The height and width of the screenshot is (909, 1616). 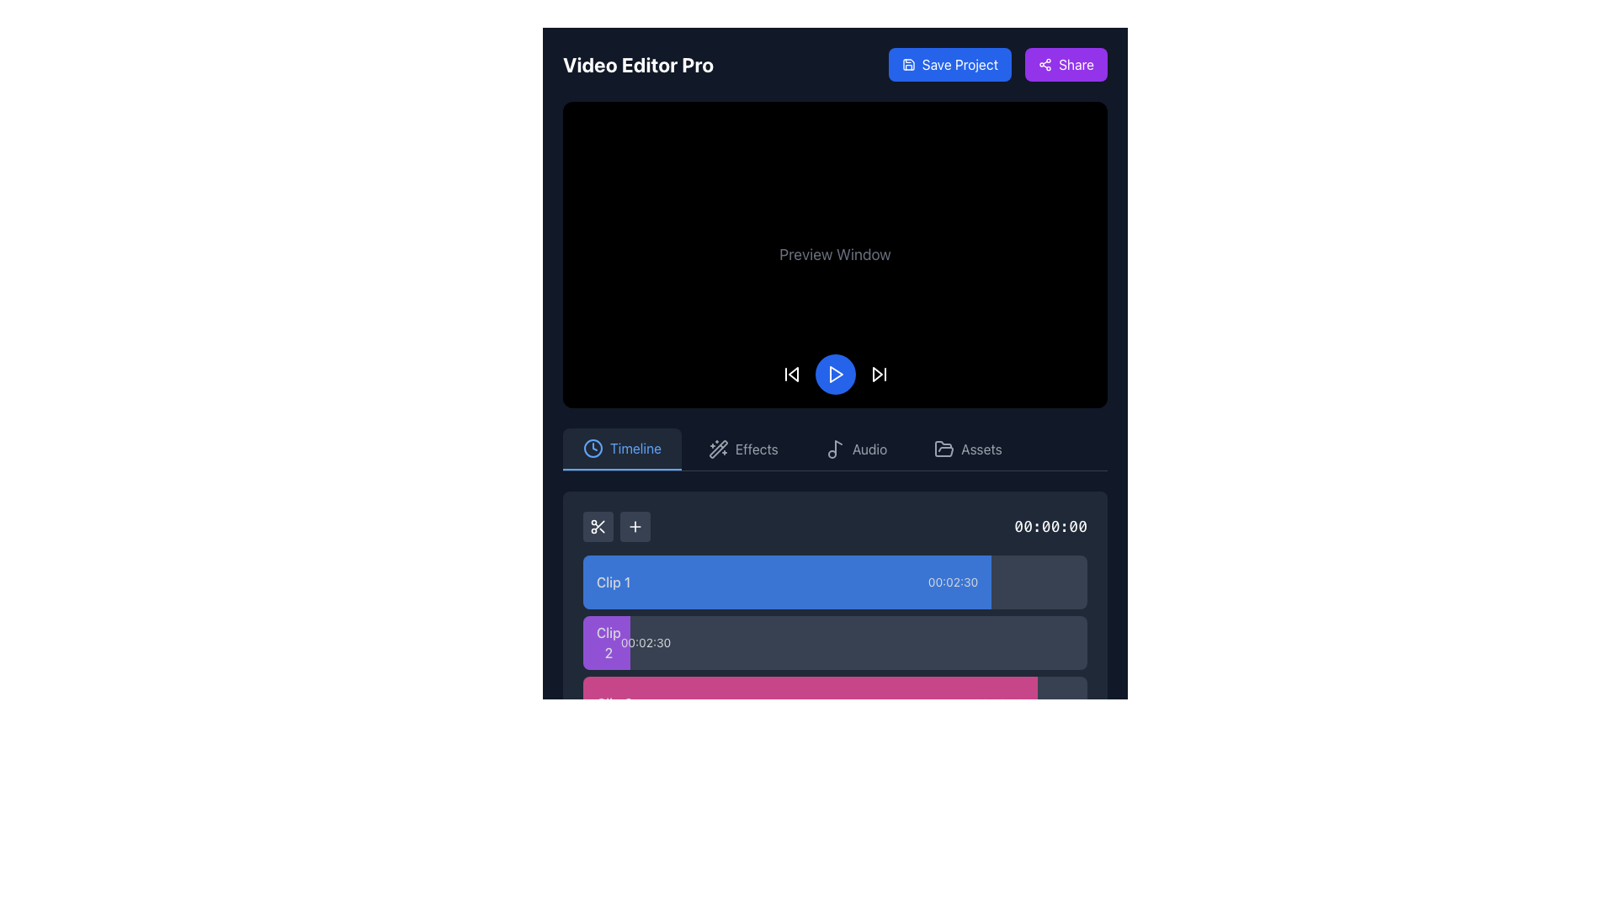 What do you see at coordinates (836, 373) in the screenshot?
I see `the blue triangular play button icon located centrally within a circular blue button, situated underneath the black rectangle labeled 'Preview Window', to play the video` at bounding box center [836, 373].